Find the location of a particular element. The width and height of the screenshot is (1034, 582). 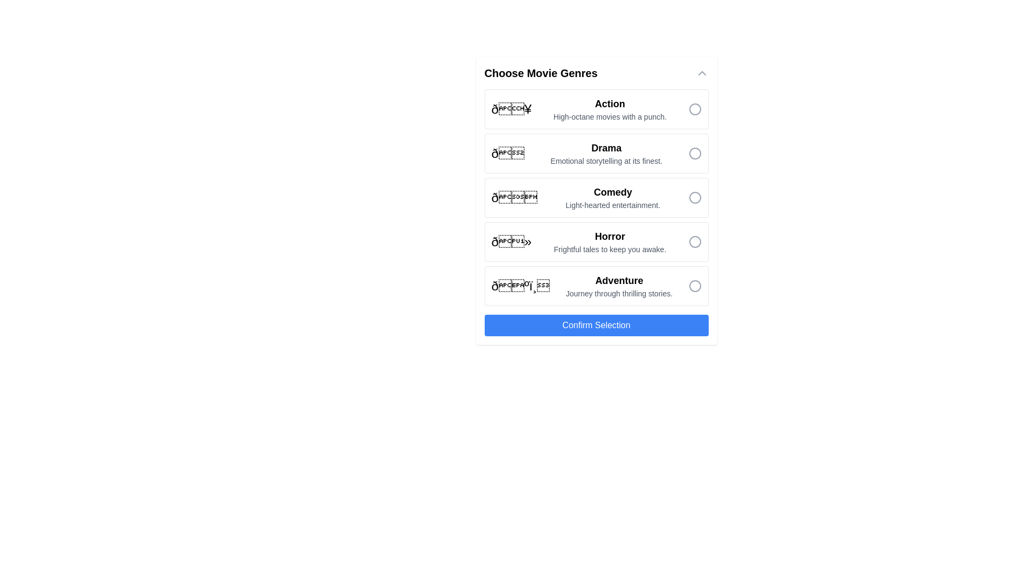

the radio button located to the far right of the 'Action' genre option is located at coordinates (695, 109).